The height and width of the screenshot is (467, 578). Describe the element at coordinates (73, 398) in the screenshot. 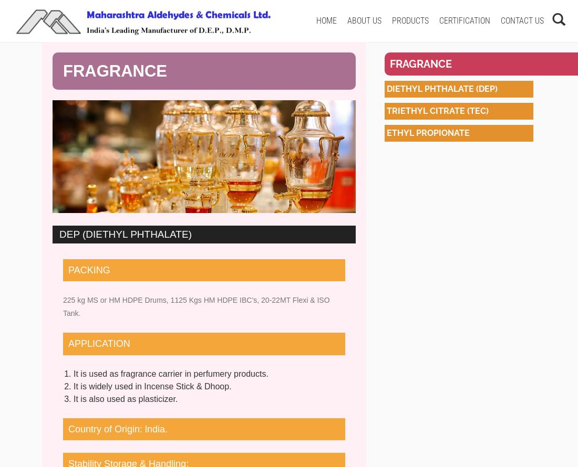

I see `'It is also used as plasticizer.'` at that location.